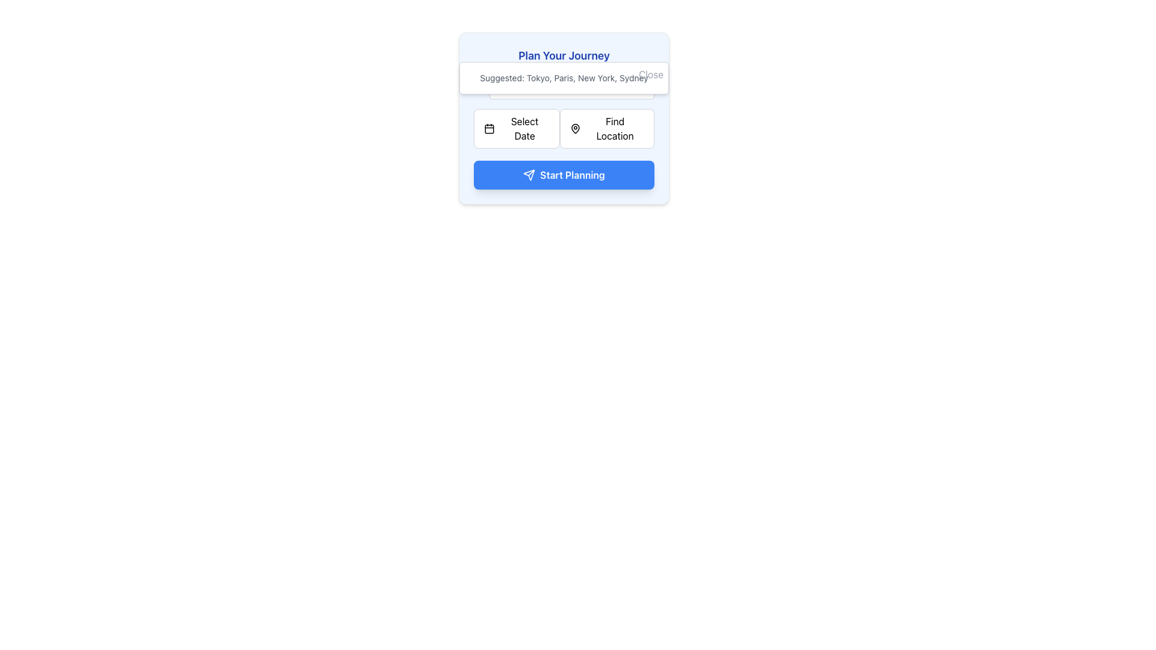 This screenshot has height=650, width=1156. What do you see at coordinates (489, 129) in the screenshot?
I see `the main rectangular body of the calendar icon component located to the left of the 'Select Date' label` at bounding box center [489, 129].